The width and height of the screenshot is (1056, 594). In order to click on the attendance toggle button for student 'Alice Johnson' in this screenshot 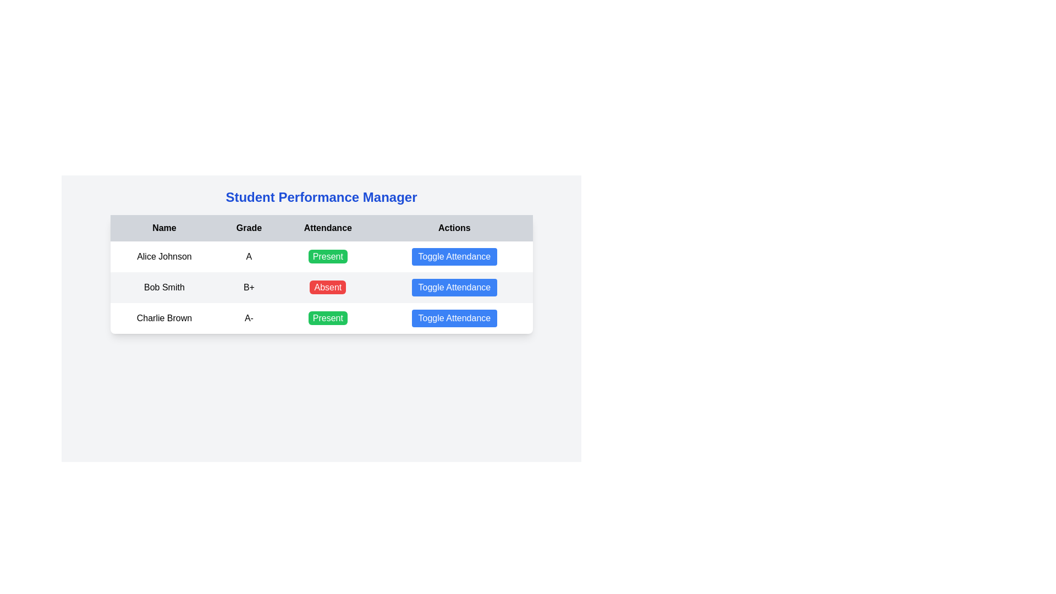, I will do `click(454, 256)`.